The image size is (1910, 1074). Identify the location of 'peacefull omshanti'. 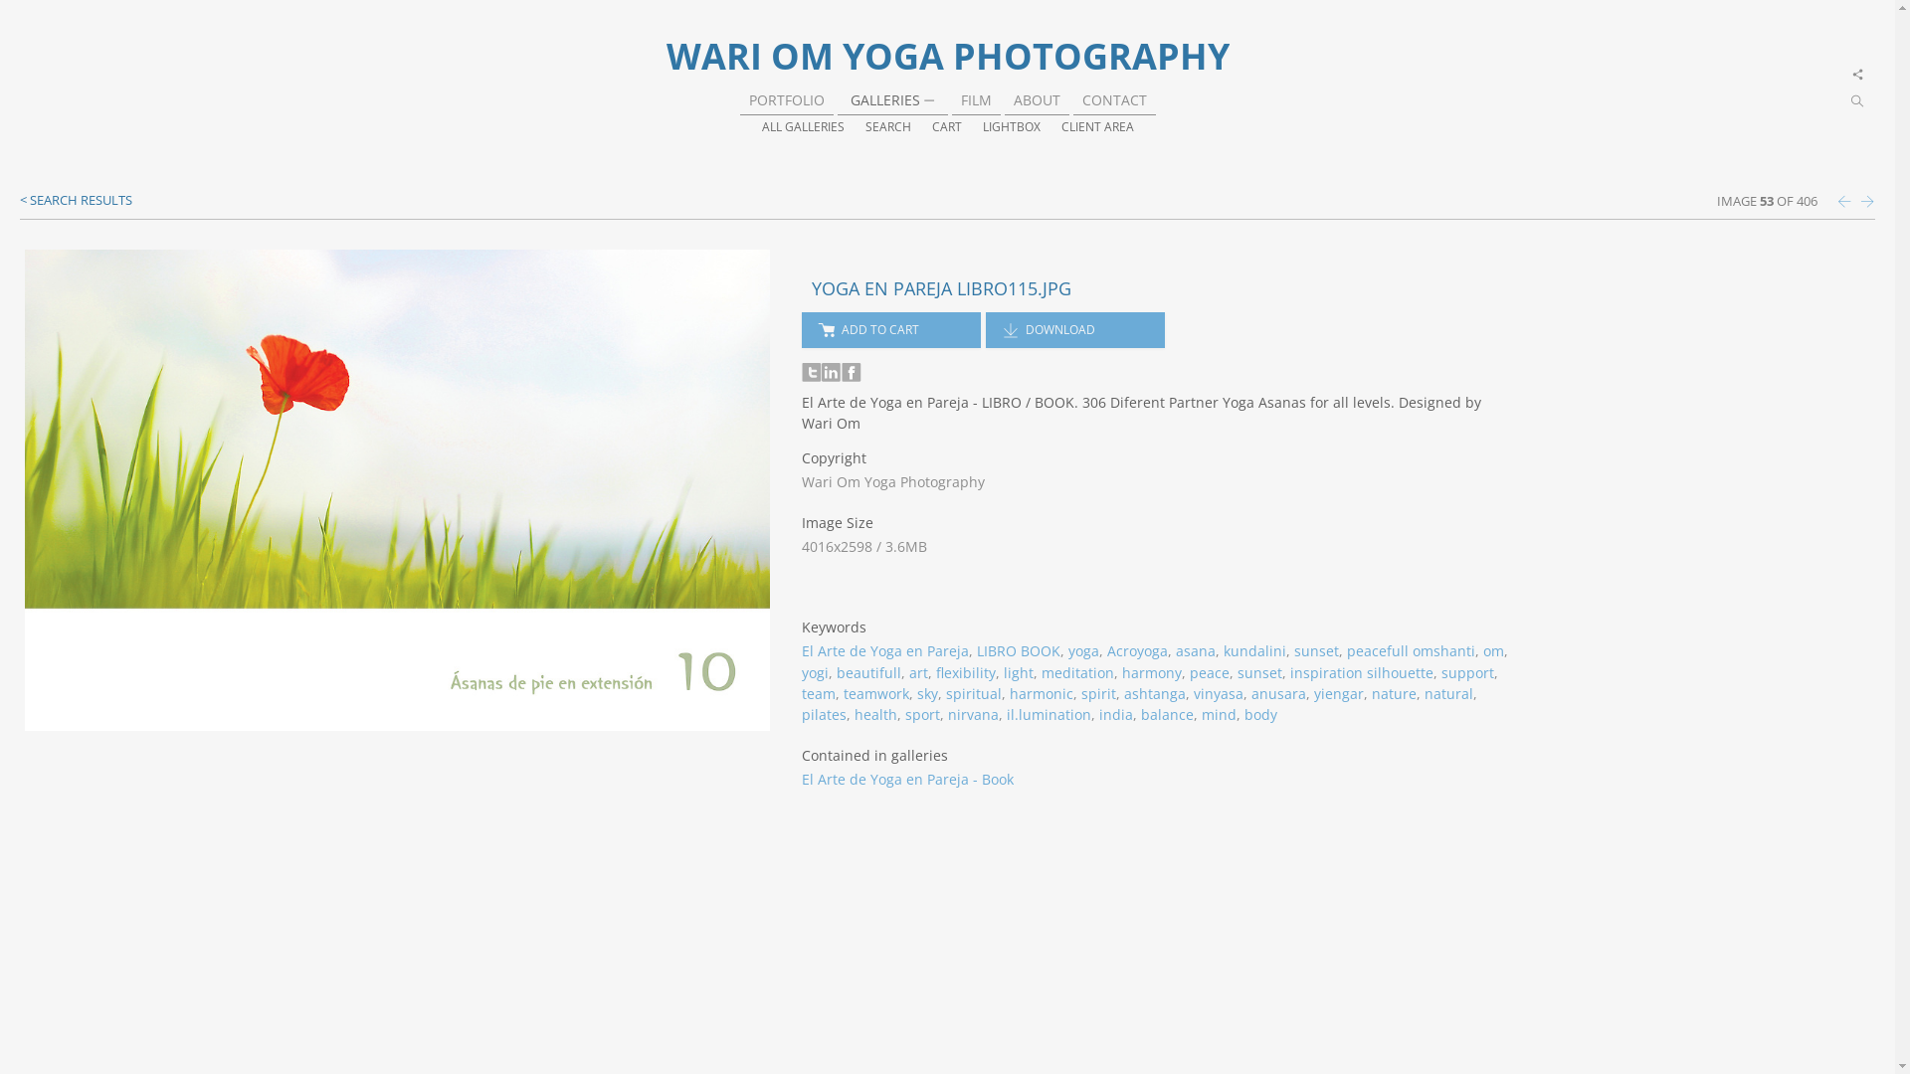
(1410, 650).